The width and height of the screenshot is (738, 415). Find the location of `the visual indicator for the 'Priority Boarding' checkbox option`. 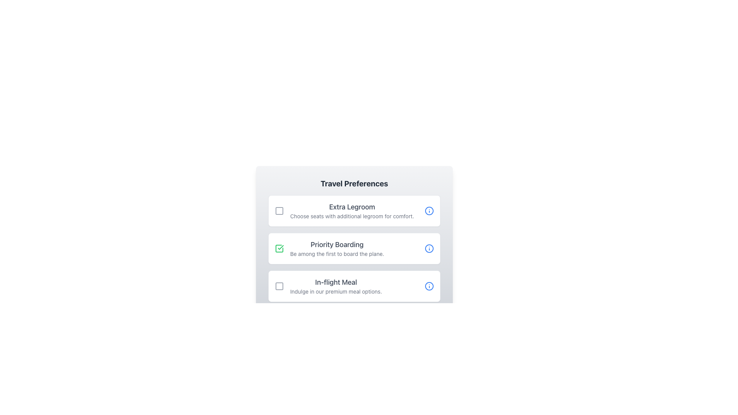

the visual indicator for the 'Priority Boarding' checkbox option is located at coordinates (279, 249).